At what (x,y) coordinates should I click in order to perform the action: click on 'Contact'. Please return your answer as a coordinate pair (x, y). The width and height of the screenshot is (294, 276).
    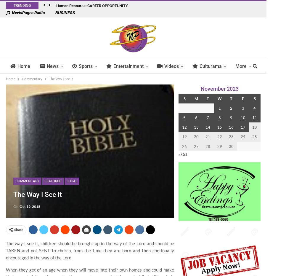
    Looking at the image, I should click on (248, 91).